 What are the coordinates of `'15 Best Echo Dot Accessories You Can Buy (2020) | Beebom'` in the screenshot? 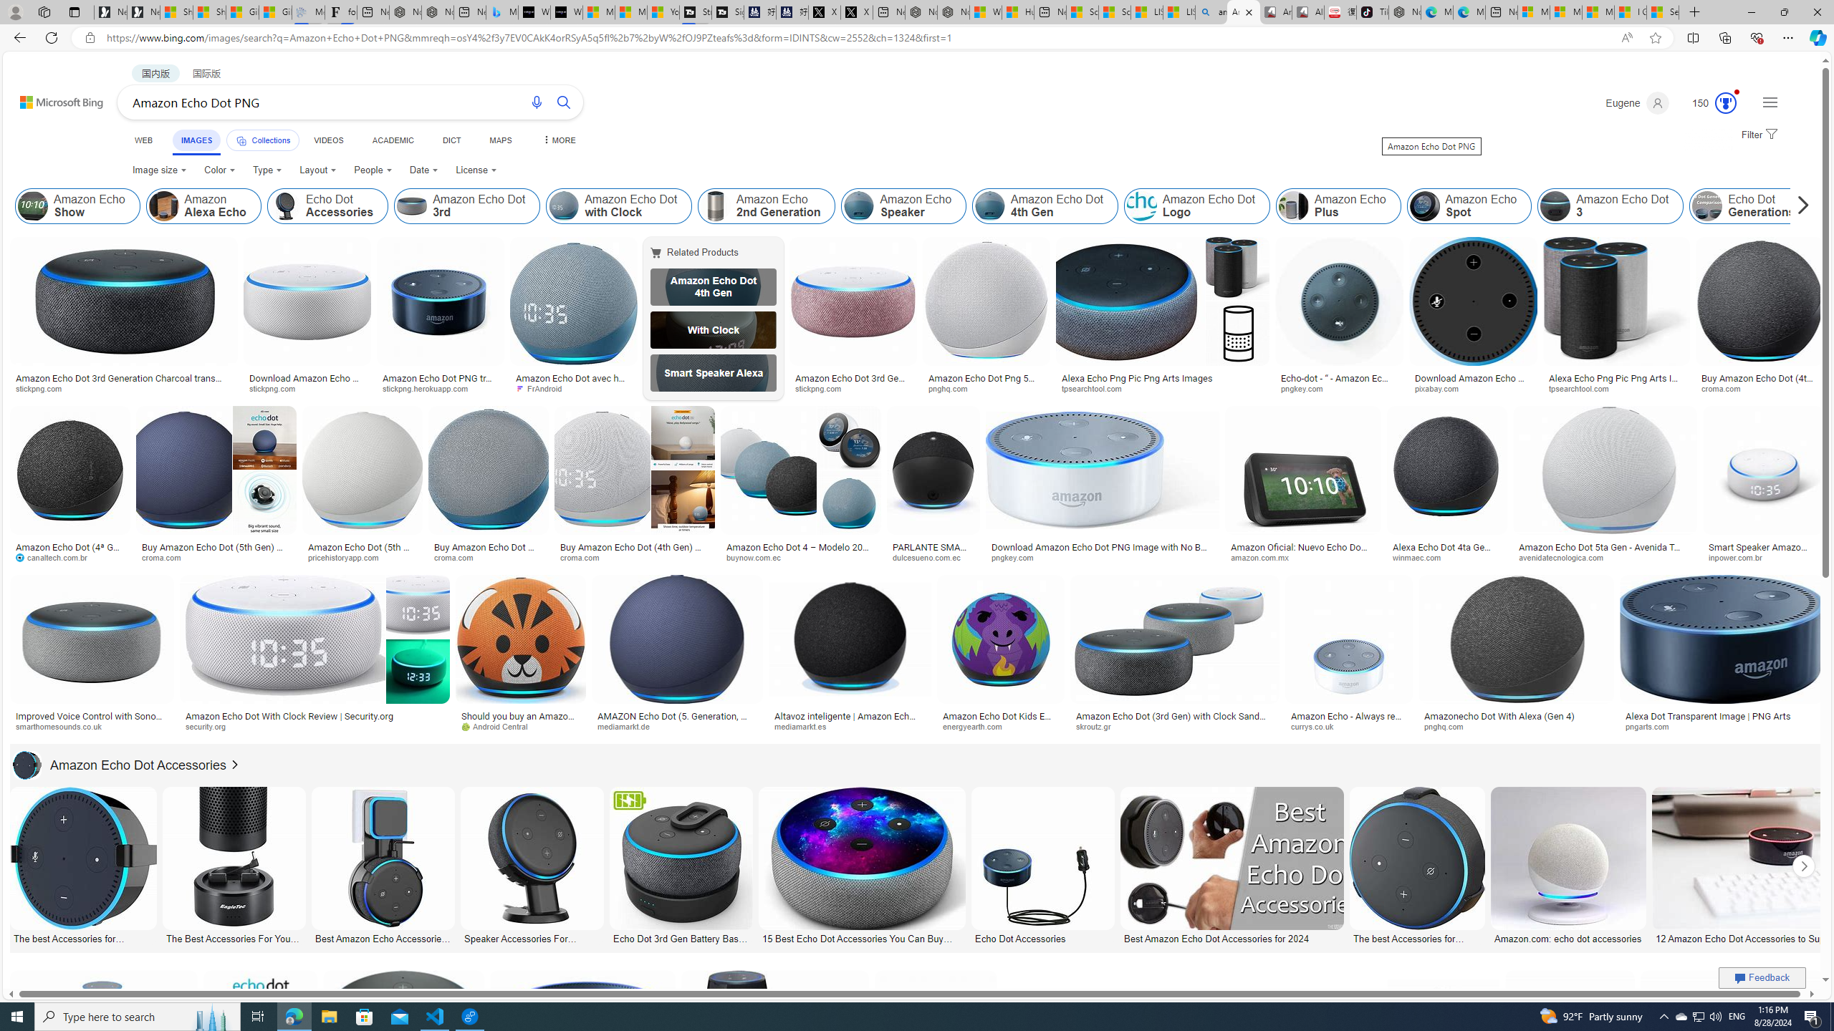 It's located at (860, 937).